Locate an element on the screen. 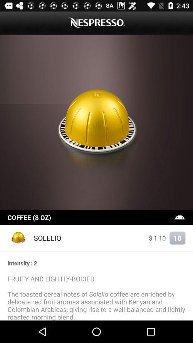 The width and height of the screenshot is (193, 343). item to the right of the solelio icon is located at coordinates (157, 238).